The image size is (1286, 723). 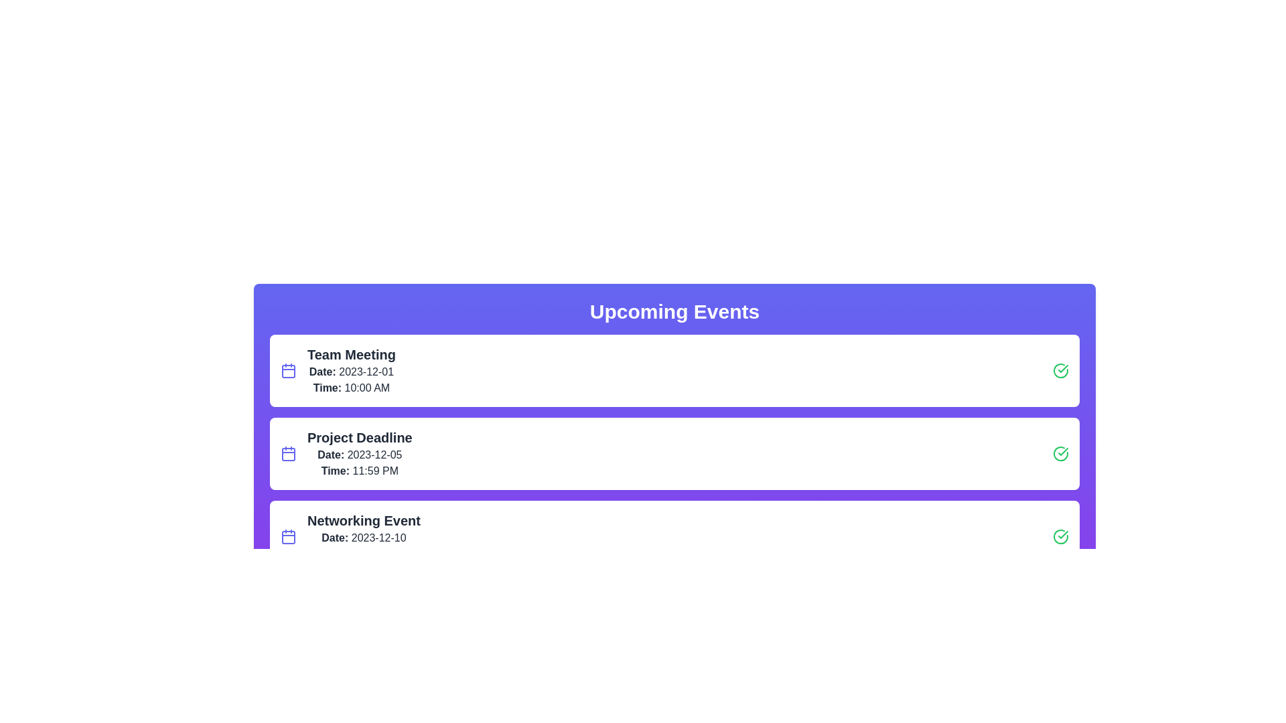 What do you see at coordinates (351, 388) in the screenshot?
I see `the static text element displaying 'Time: 10:00 AM', which is located below 'Date: 2023-12-01' and part of the 'Team Meeting' entry in the first card of the event list under 'Upcoming Events'` at bounding box center [351, 388].